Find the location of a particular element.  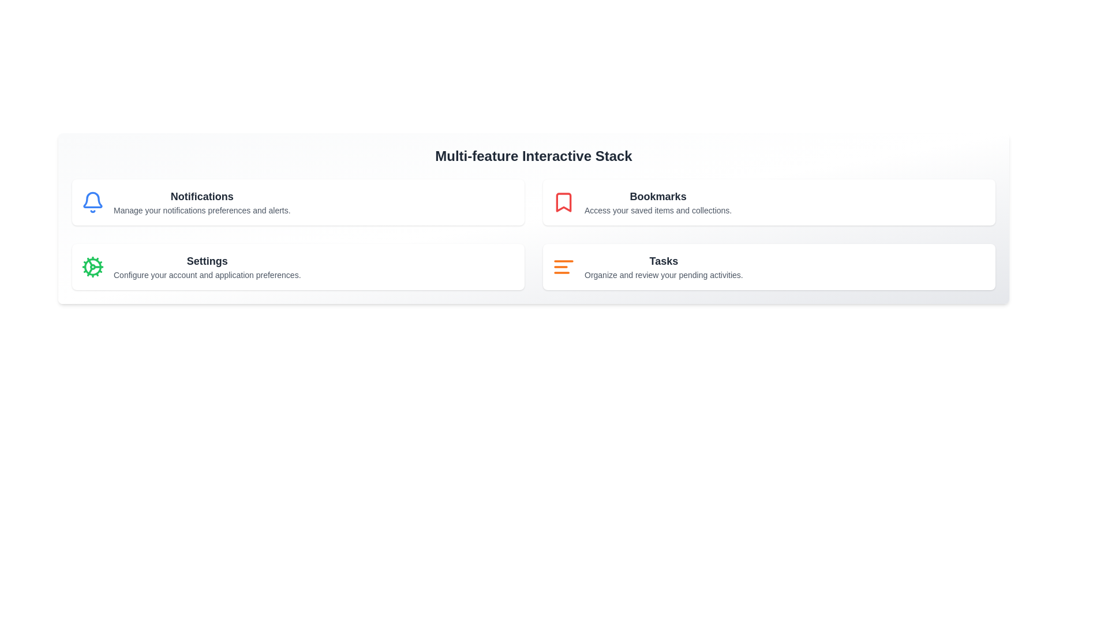

the informational panel labeled 'Bookmarks' which has a bolded header and a red bookmark-shaped icon is located at coordinates (769, 202).